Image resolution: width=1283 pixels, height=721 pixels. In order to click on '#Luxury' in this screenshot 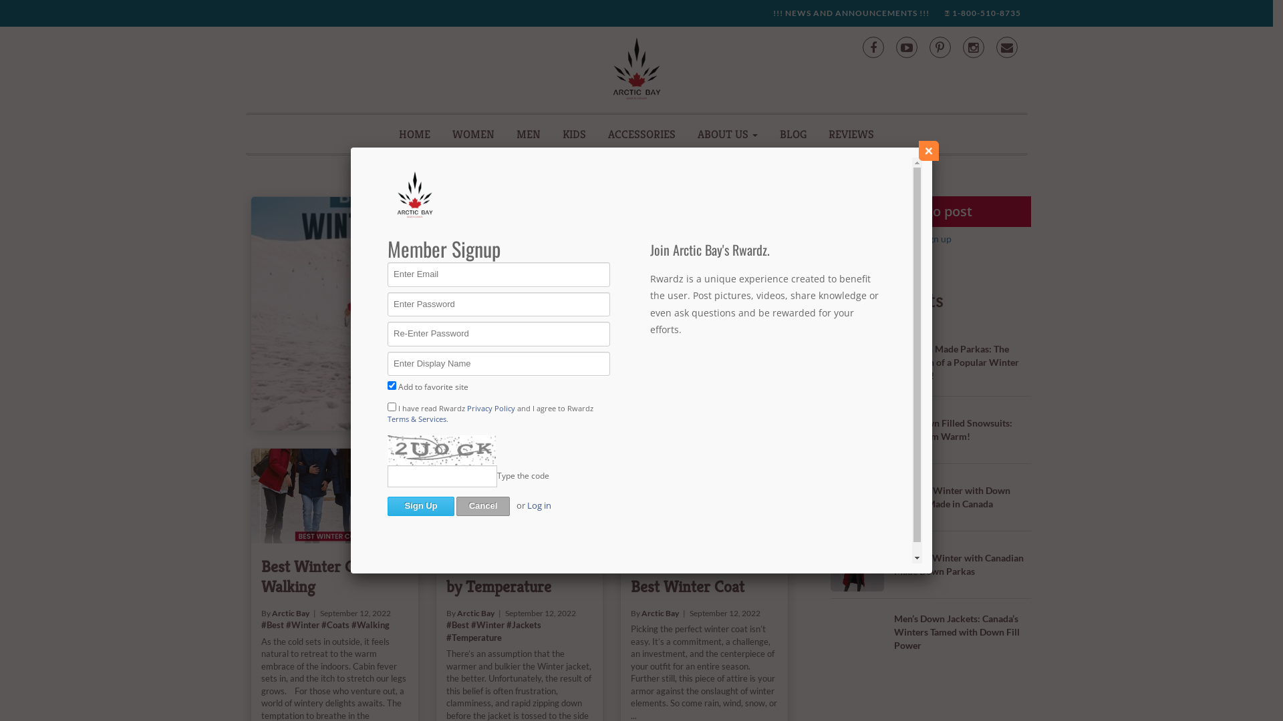, I will do `click(607, 258)`.